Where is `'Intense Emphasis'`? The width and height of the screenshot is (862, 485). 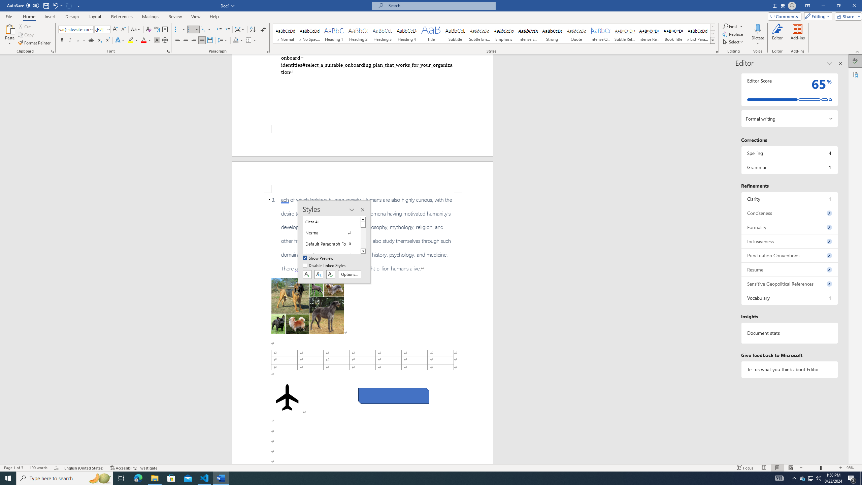
'Intense Emphasis' is located at coordinates (528, 33).